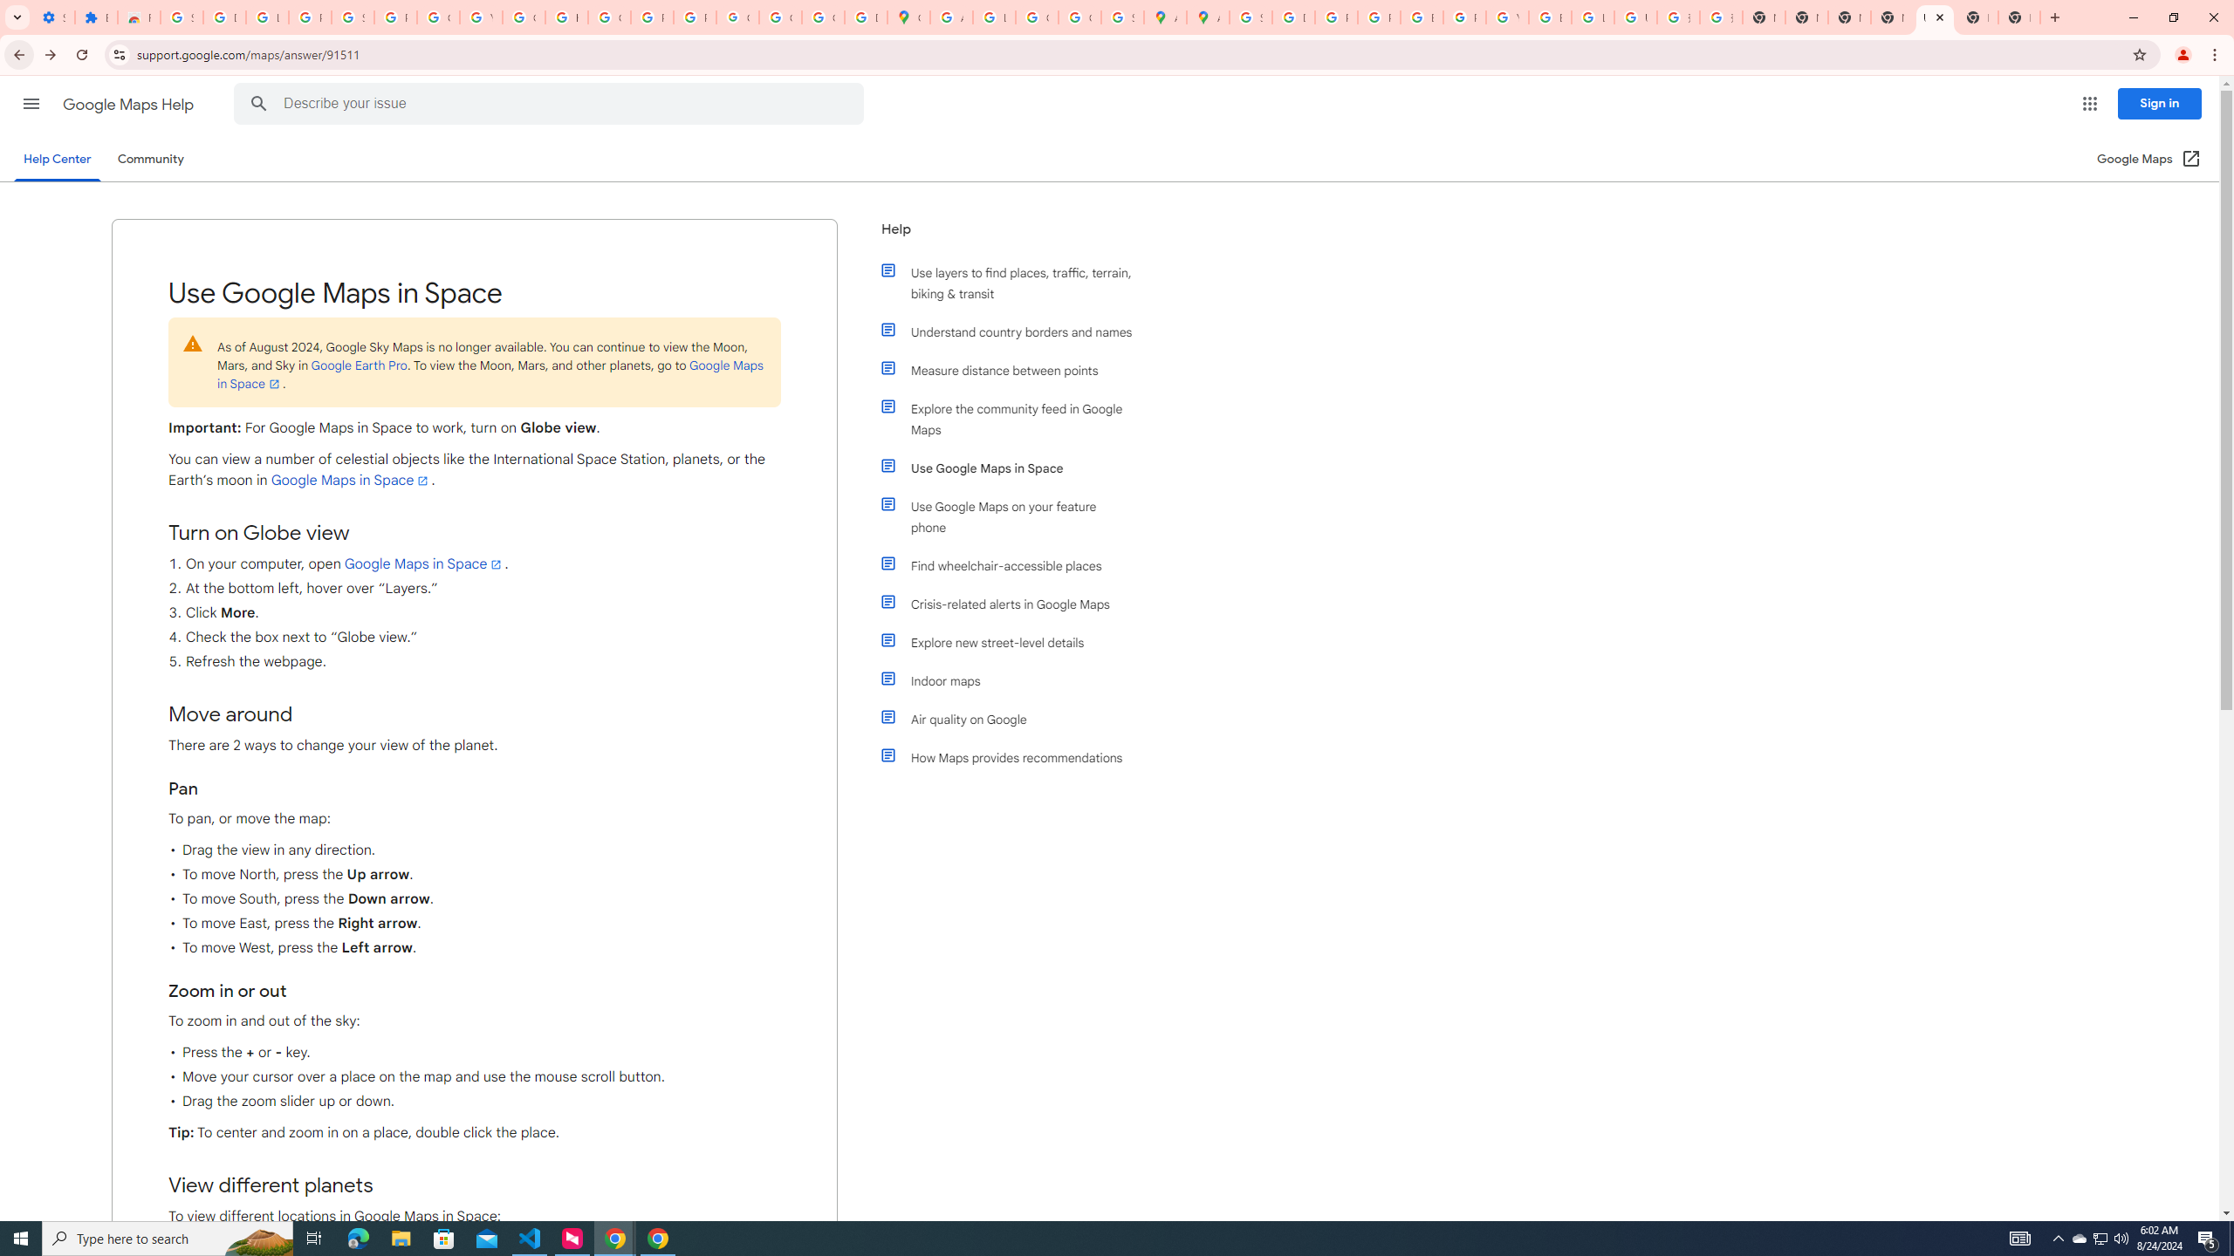 The height and width of the screenshot is (1256, 2234). Describe the element at coordinates (2148, 158) in the screenshot. I see `'Google Maps (Open in a new window)'` at that location.